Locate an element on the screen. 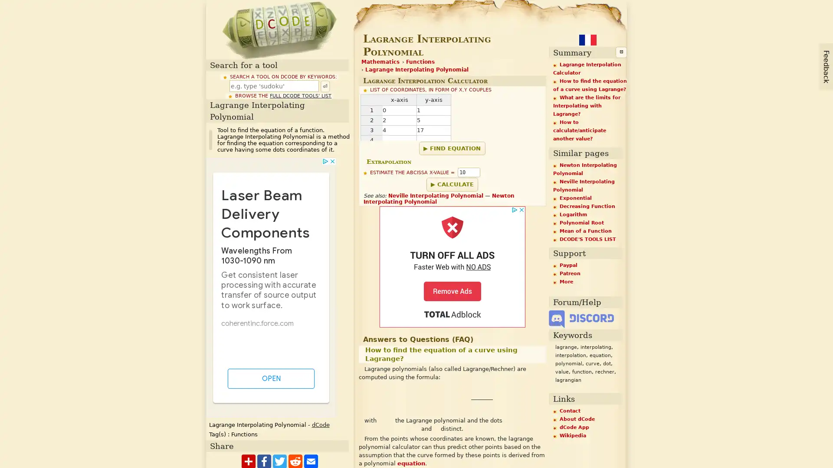 Image resolution: width=833 pixels, height=468 pixels. CALCULATE is located at coordinates (451, 183).